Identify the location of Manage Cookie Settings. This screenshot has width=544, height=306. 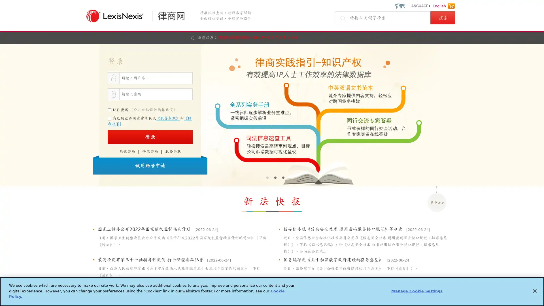
(417, 291).